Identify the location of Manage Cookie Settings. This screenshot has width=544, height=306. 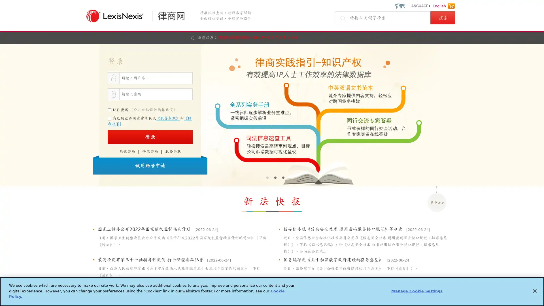
(417, 291).